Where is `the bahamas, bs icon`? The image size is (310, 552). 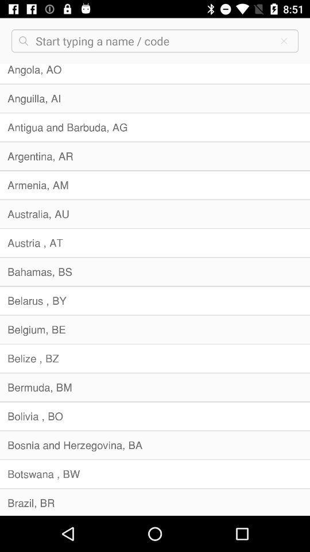
the bahamas, bs icon is located at coordinates (155, 271).